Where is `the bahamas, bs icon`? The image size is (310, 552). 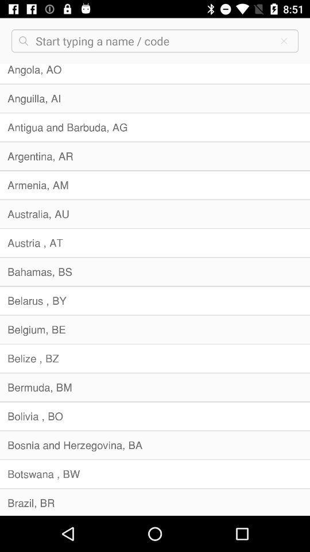
the bahamas, bs icon is located at coordinates (155, 271).